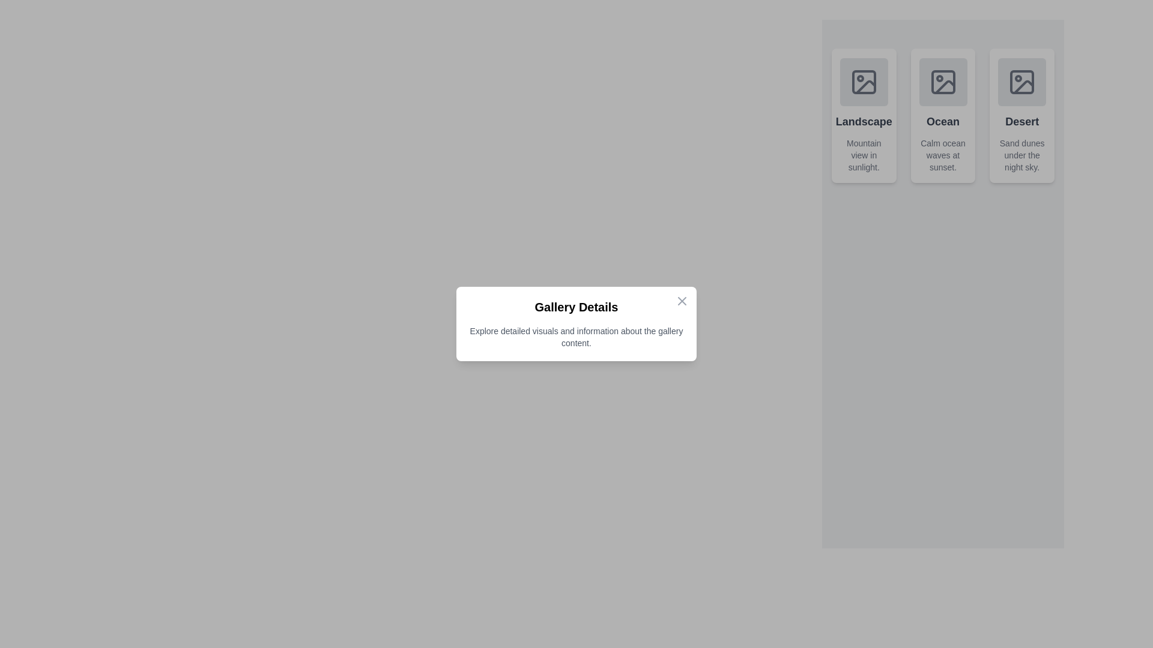 Image resolution: width=1153 pixels, height=648 pixels. Describe the element at coordinates (863, 122) in the screenshot. I see `the 'Landscape' text label, which is styled with bold and large font and located at the top section of the leftmost card in a group of three cards` at that location.